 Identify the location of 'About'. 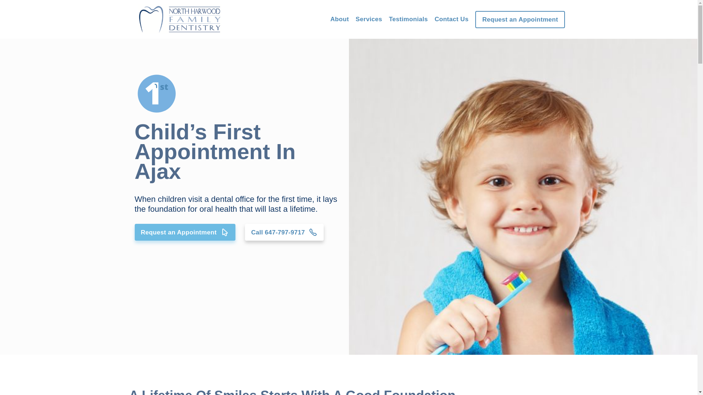
(339, 19).